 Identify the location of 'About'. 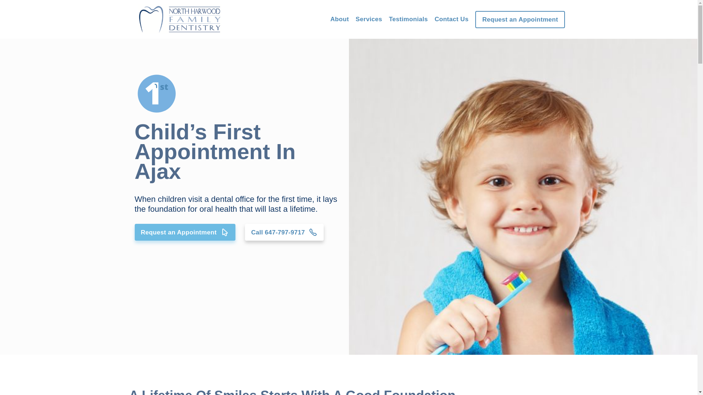
(339, 19).